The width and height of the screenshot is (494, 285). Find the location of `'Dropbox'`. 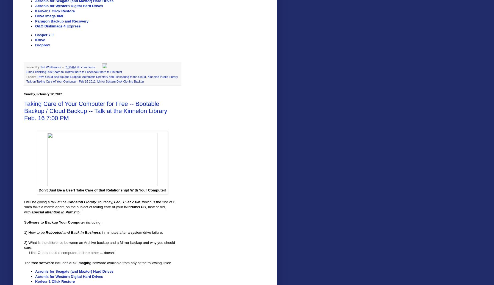

'Dropbox' is located at coordinates (42, 44).